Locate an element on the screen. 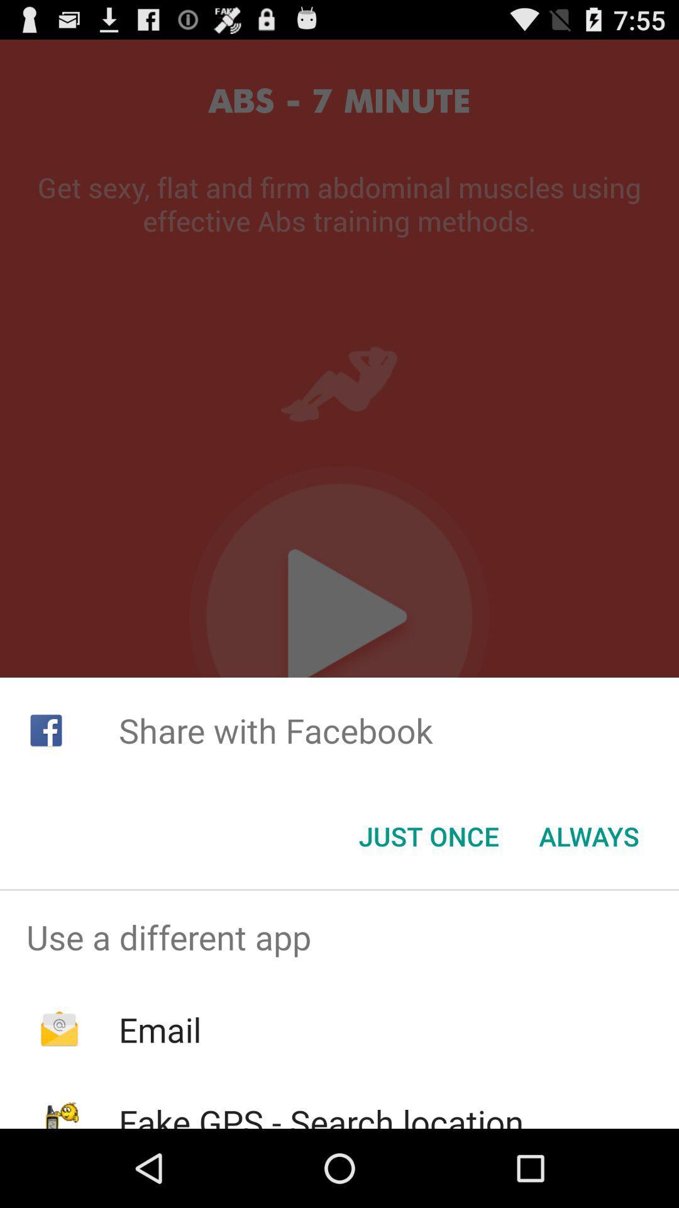  icon below the email icon is located at coordinates (321, 1114).